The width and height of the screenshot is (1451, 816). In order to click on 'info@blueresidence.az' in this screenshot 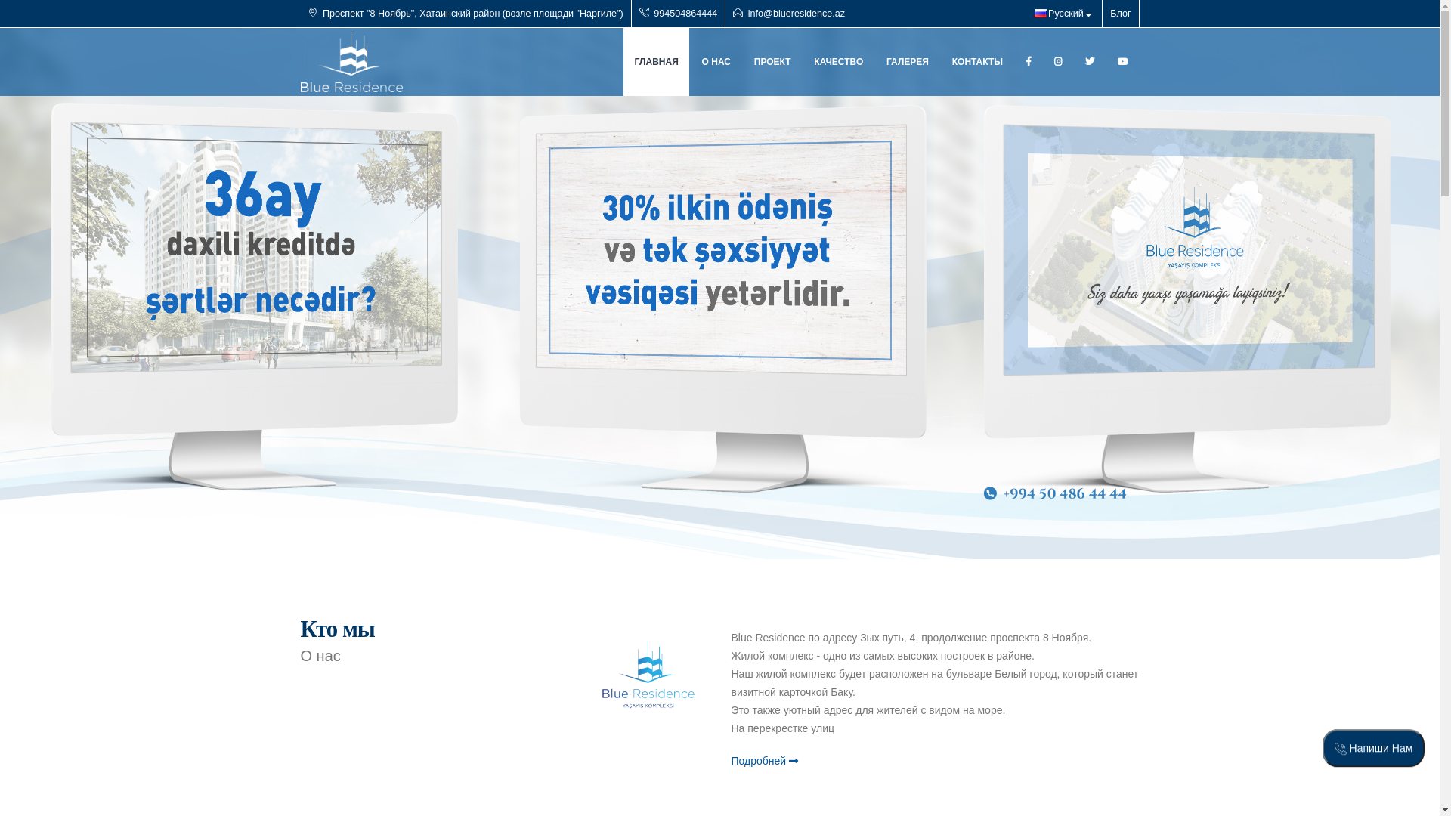, I will do `click(796, 14)`.